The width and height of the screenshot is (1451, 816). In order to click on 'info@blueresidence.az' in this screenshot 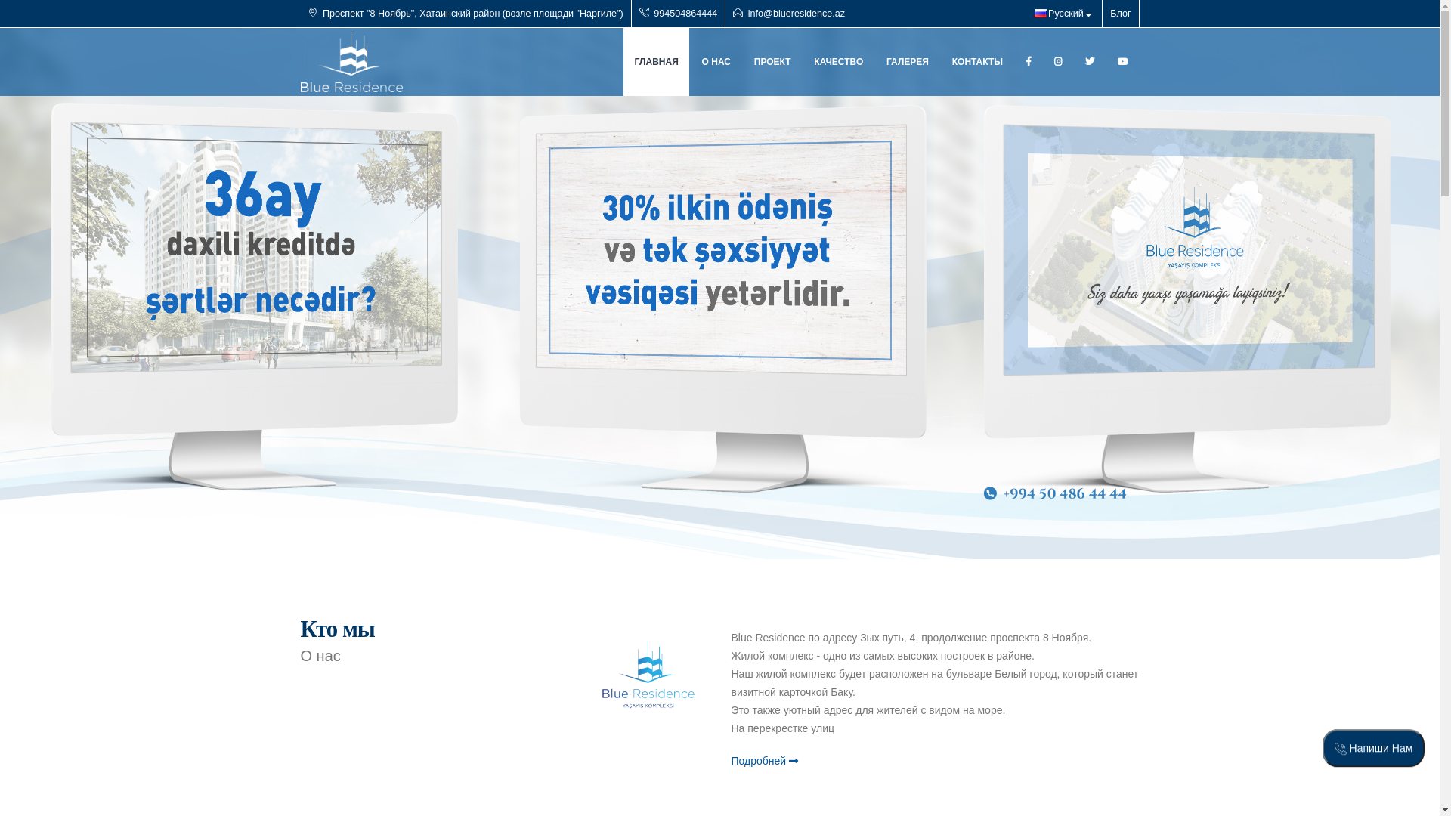, I will do `click(796, 14)`.